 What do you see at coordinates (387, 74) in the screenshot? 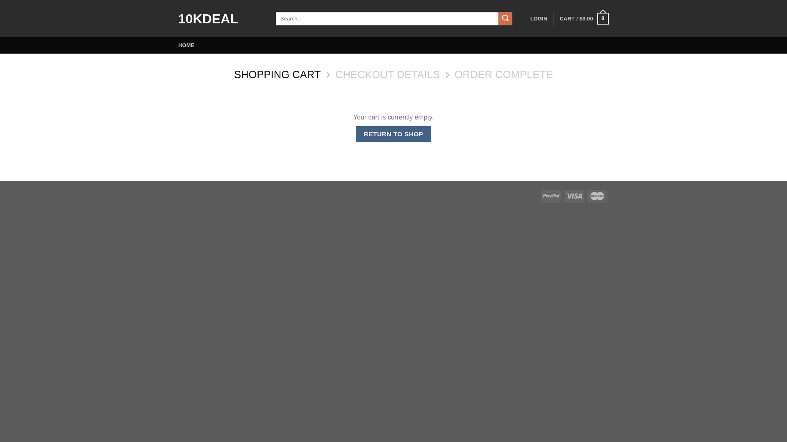
I see `'CHECKOUT DETAILS'` at bounding box center [387, 74].